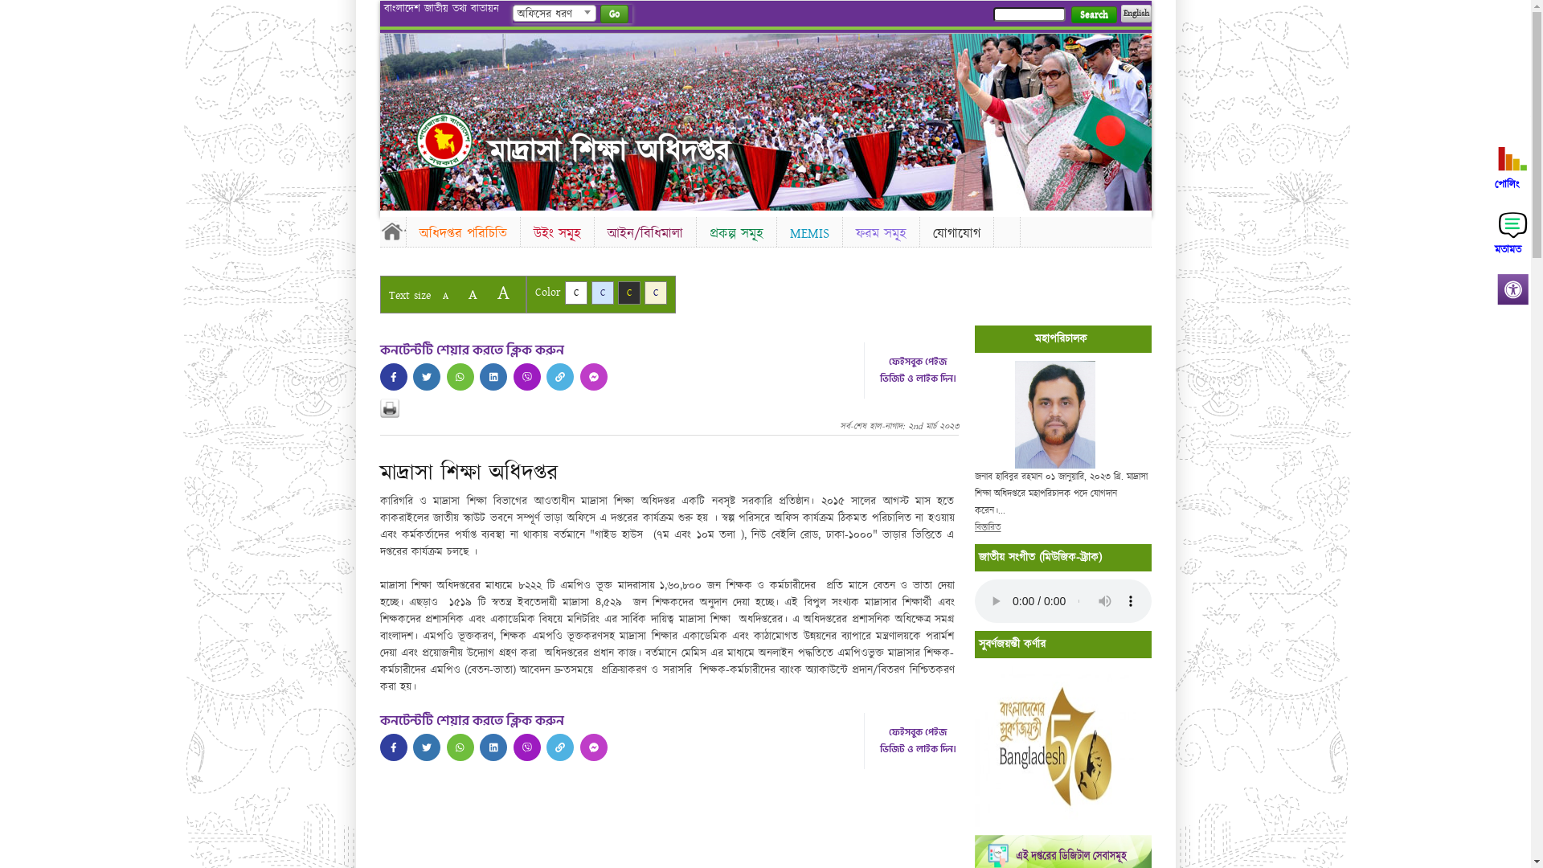 The width and height of the screenshot is (1543, 868). What do you see at coordinates (575, 293) in the screenshot?
I see `'C'` at bounding box center [575, 293].